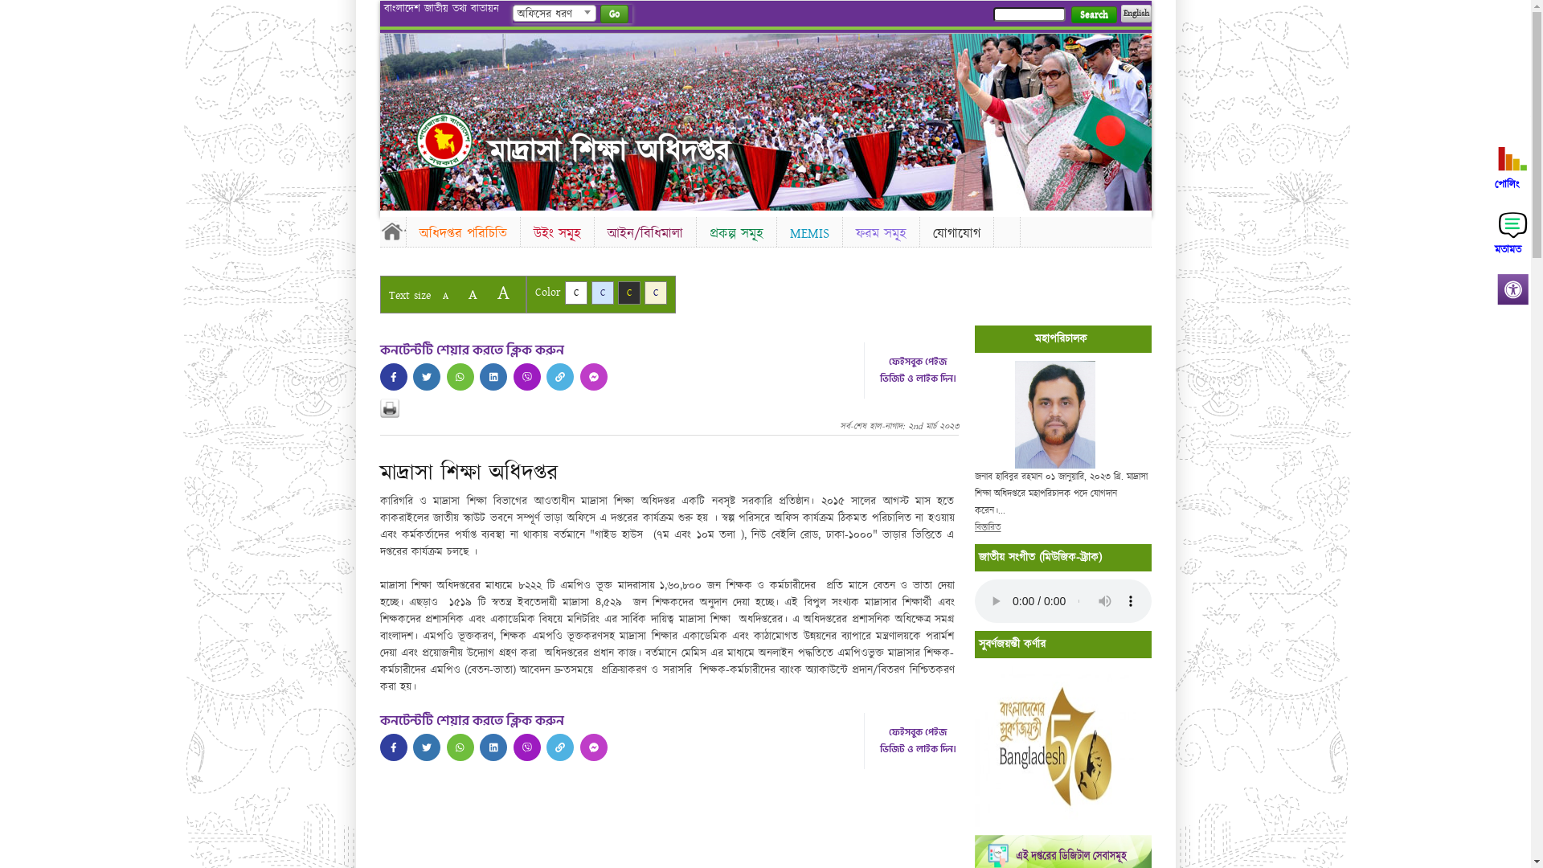 The width and height of the screenshot is (1543, 868). What do you see at coordinates (575, 293) in the screenshot?
I see `'C'` at bounding box center [575, 293].